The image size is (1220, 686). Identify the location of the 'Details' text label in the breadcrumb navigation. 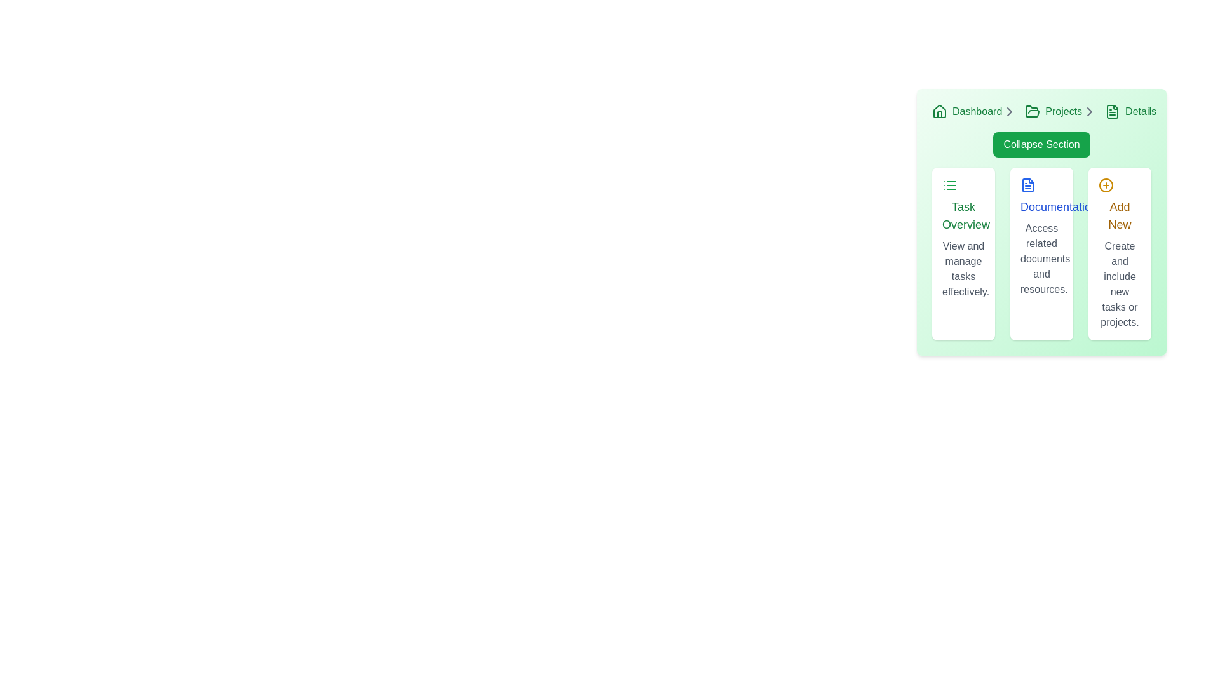
(1141, 111).